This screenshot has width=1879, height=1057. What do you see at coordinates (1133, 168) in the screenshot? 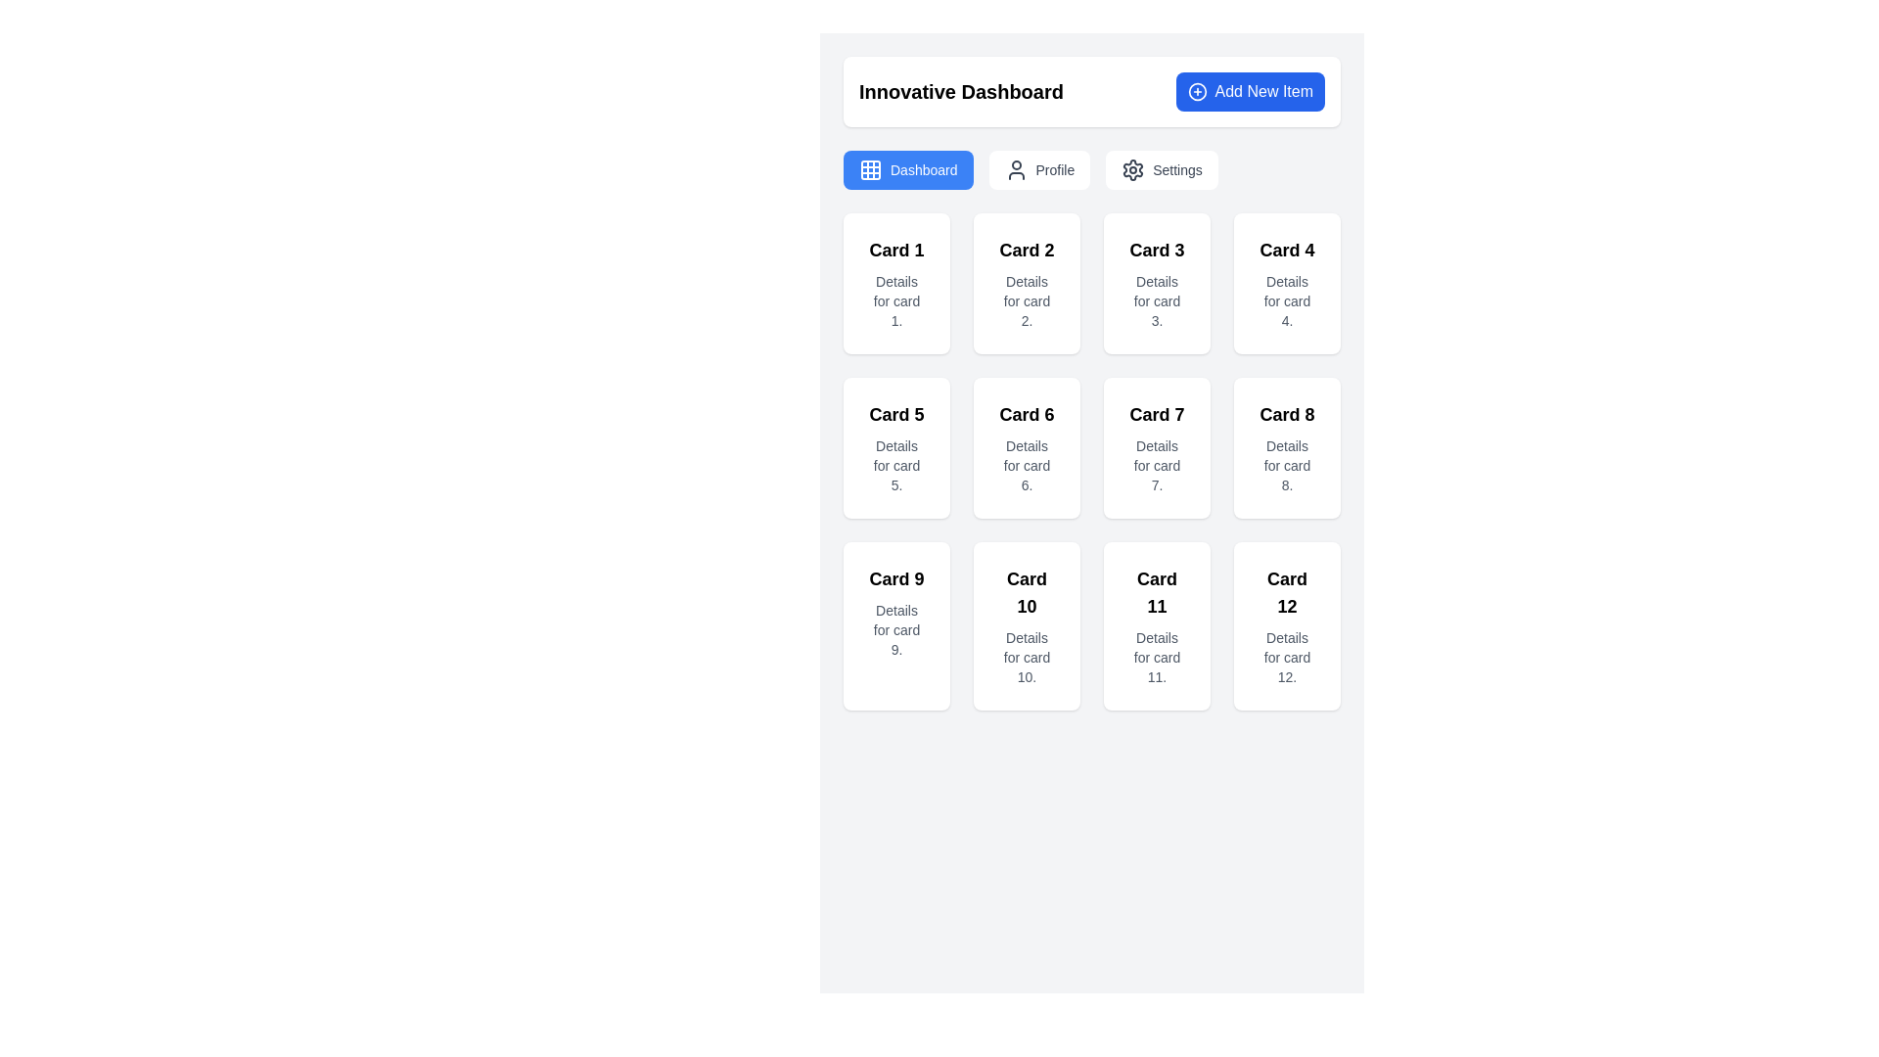
I see `the settings icon located at the rightmost position of the top navigation bar` at bounding box center [1133, 168].